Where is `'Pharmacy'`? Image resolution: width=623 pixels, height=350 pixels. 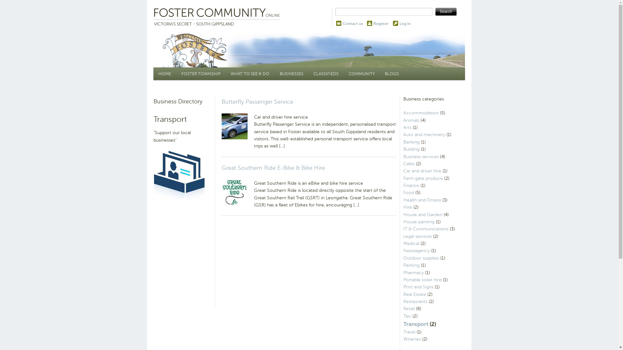
'Pharmacy' is located at coordinates (413, 273).